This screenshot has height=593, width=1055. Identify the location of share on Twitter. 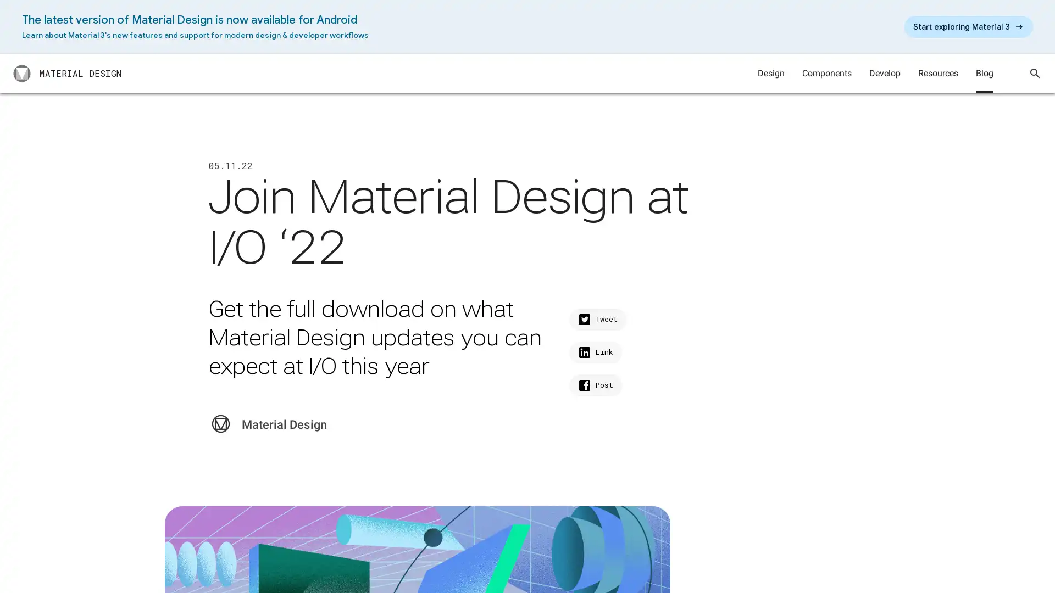
(597, 320).